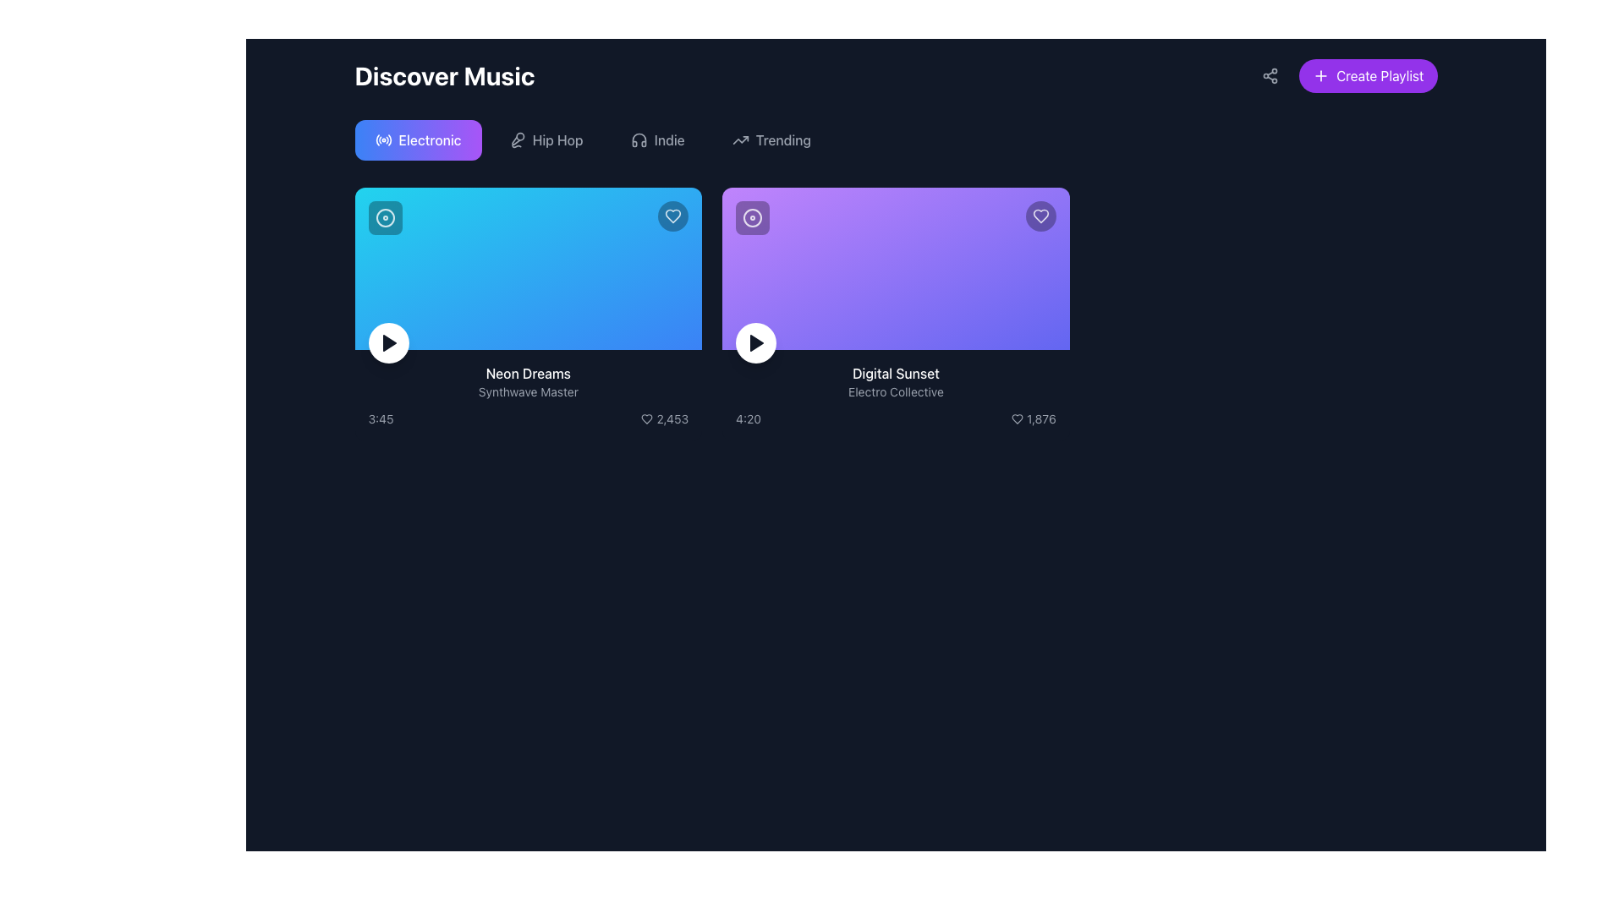 This screenshot has width=1624, height=913. Describe the element at coordinates (1017, 418) in the screenshot. I see `the heart icon located in the top-right corner of the 'Digital Sunset' song card` at that location.